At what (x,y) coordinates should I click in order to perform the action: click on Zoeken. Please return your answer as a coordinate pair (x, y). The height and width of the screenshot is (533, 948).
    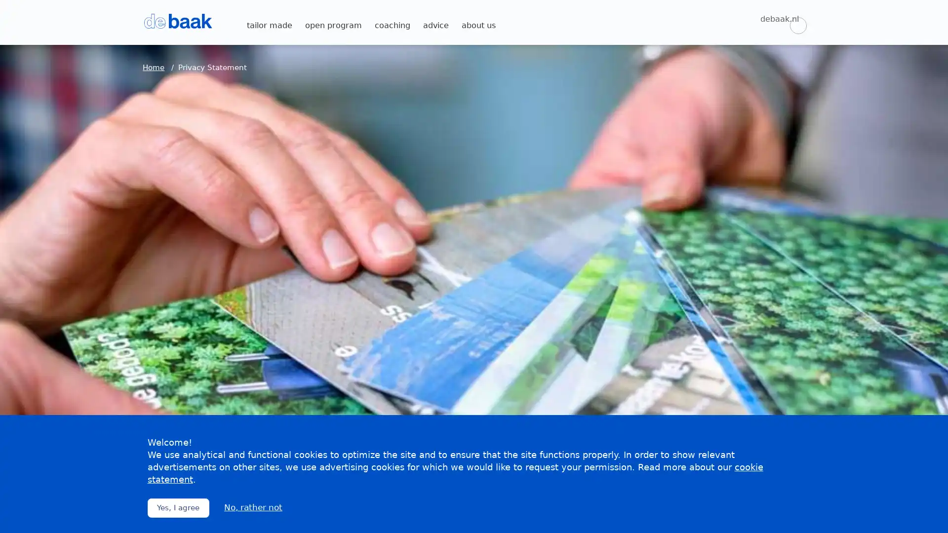
    Looking at the image, I should click on (803, 51).